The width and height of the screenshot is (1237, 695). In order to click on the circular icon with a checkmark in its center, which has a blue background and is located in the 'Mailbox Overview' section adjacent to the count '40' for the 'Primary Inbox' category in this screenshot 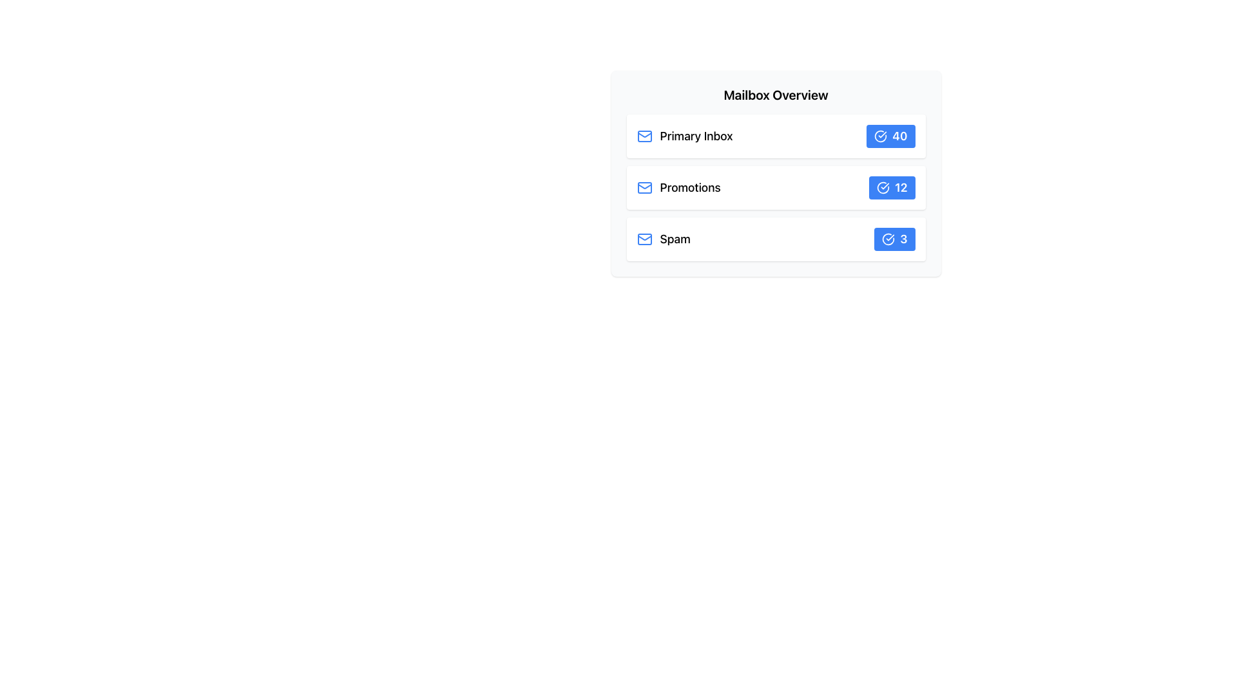, I will do `click(880, 136)`.